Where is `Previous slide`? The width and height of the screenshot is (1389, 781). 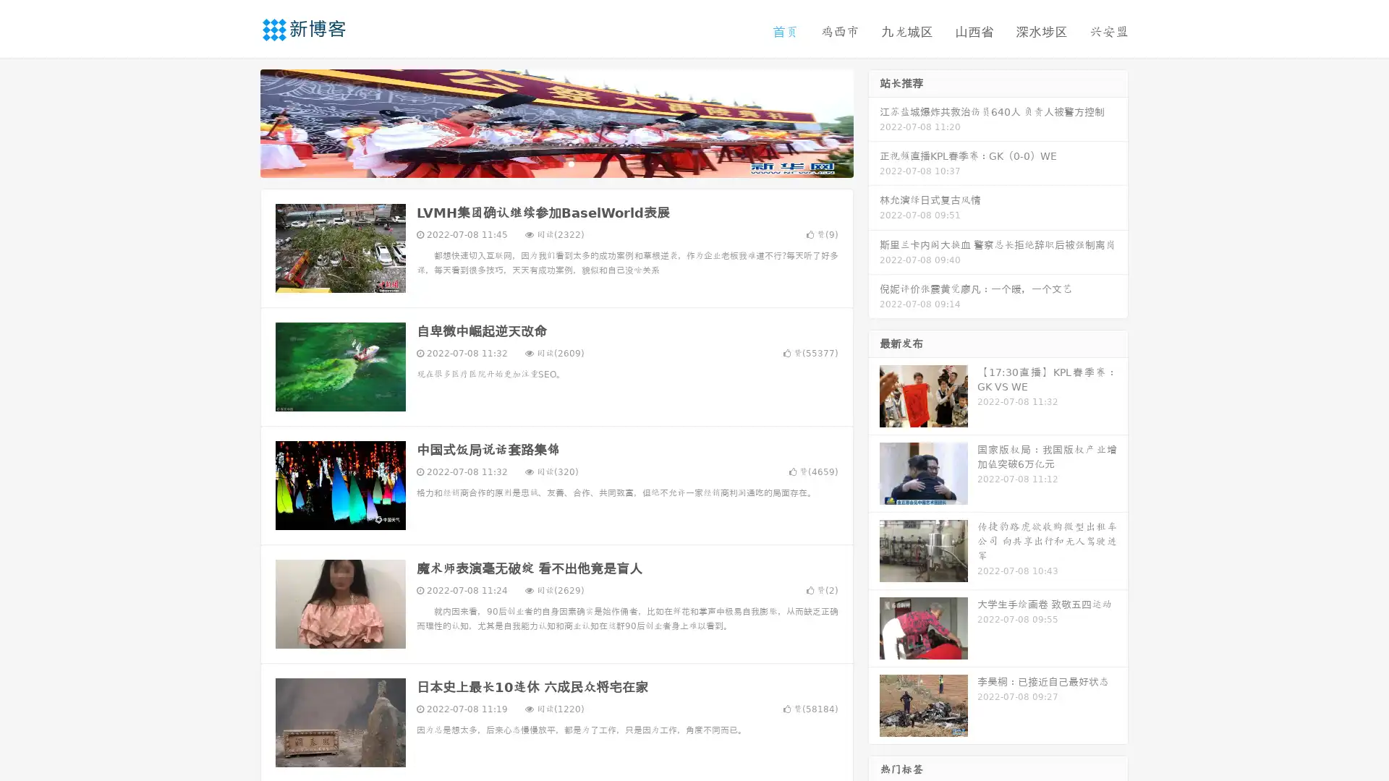 Previous slide is located at coordinates (239, 121).